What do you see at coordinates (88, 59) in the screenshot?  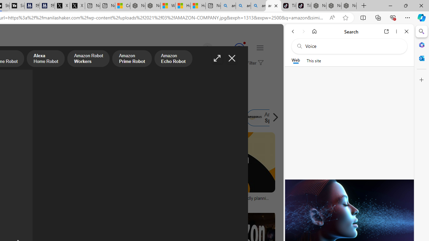 I see `'Amazon Robot Workers'` at bounding box center [88, 59].